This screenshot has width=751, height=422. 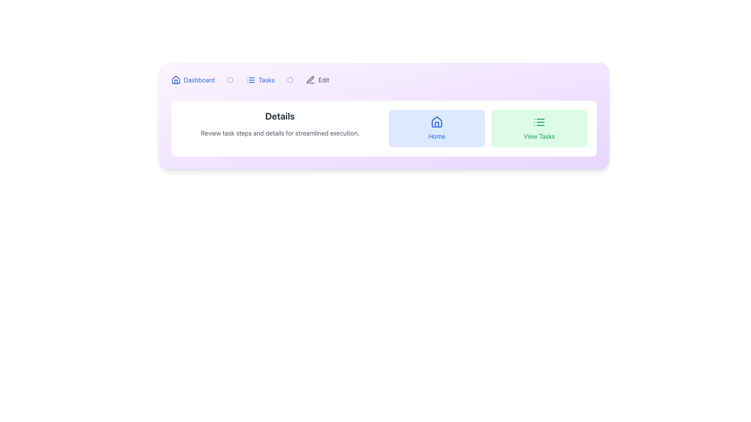 I want to click on the door portion of the house icon, which is part of the 'Home' button, located at the bottom center of the house illustration, so click(x=437, y=124).